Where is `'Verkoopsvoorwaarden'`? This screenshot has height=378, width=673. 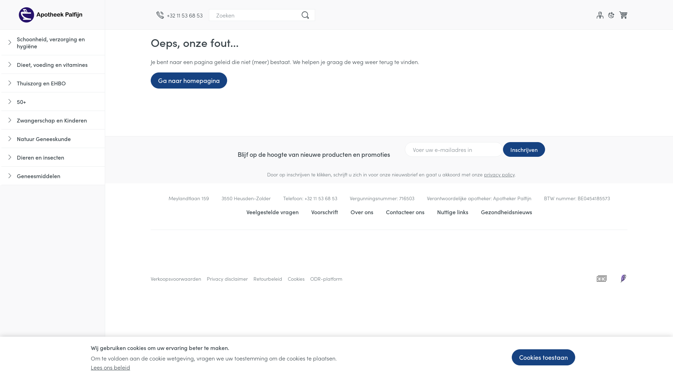
'Verkoopsvoorwaarden' is located at coordinates (150, 278).